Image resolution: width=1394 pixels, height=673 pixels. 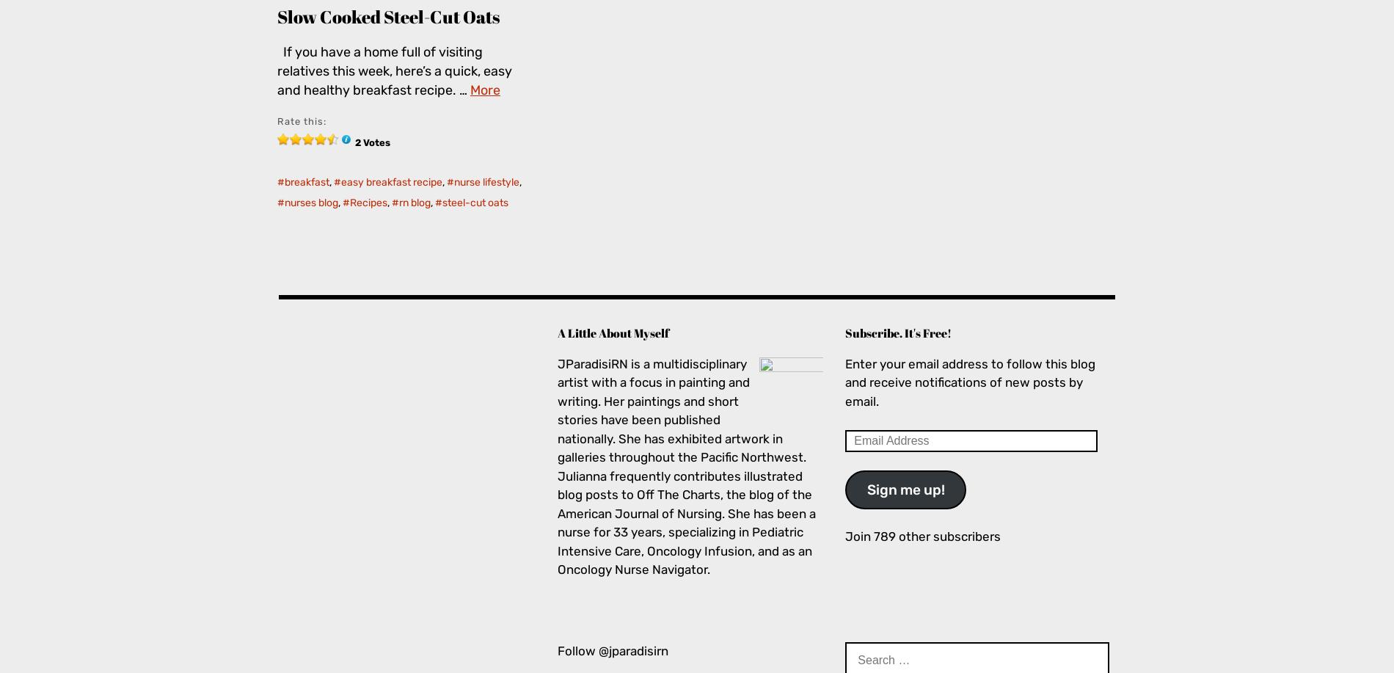 I want to click on 'A Little About Myself', so click(x=557, y=332).